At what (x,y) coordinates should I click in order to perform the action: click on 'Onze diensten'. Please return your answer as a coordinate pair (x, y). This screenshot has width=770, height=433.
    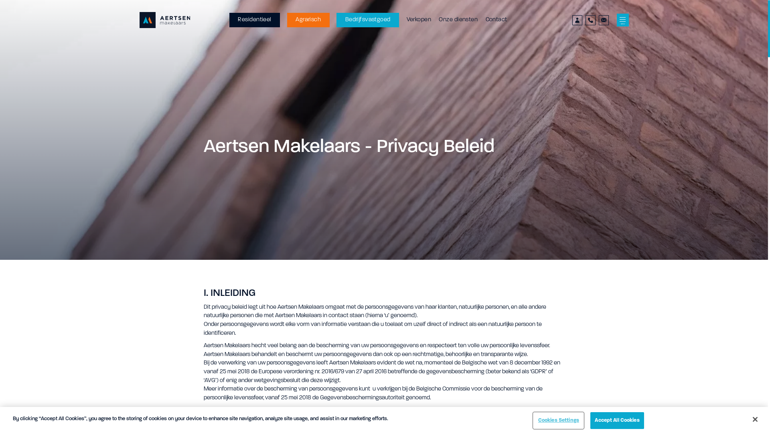
    Looking at the image, I should click on (458, 20).